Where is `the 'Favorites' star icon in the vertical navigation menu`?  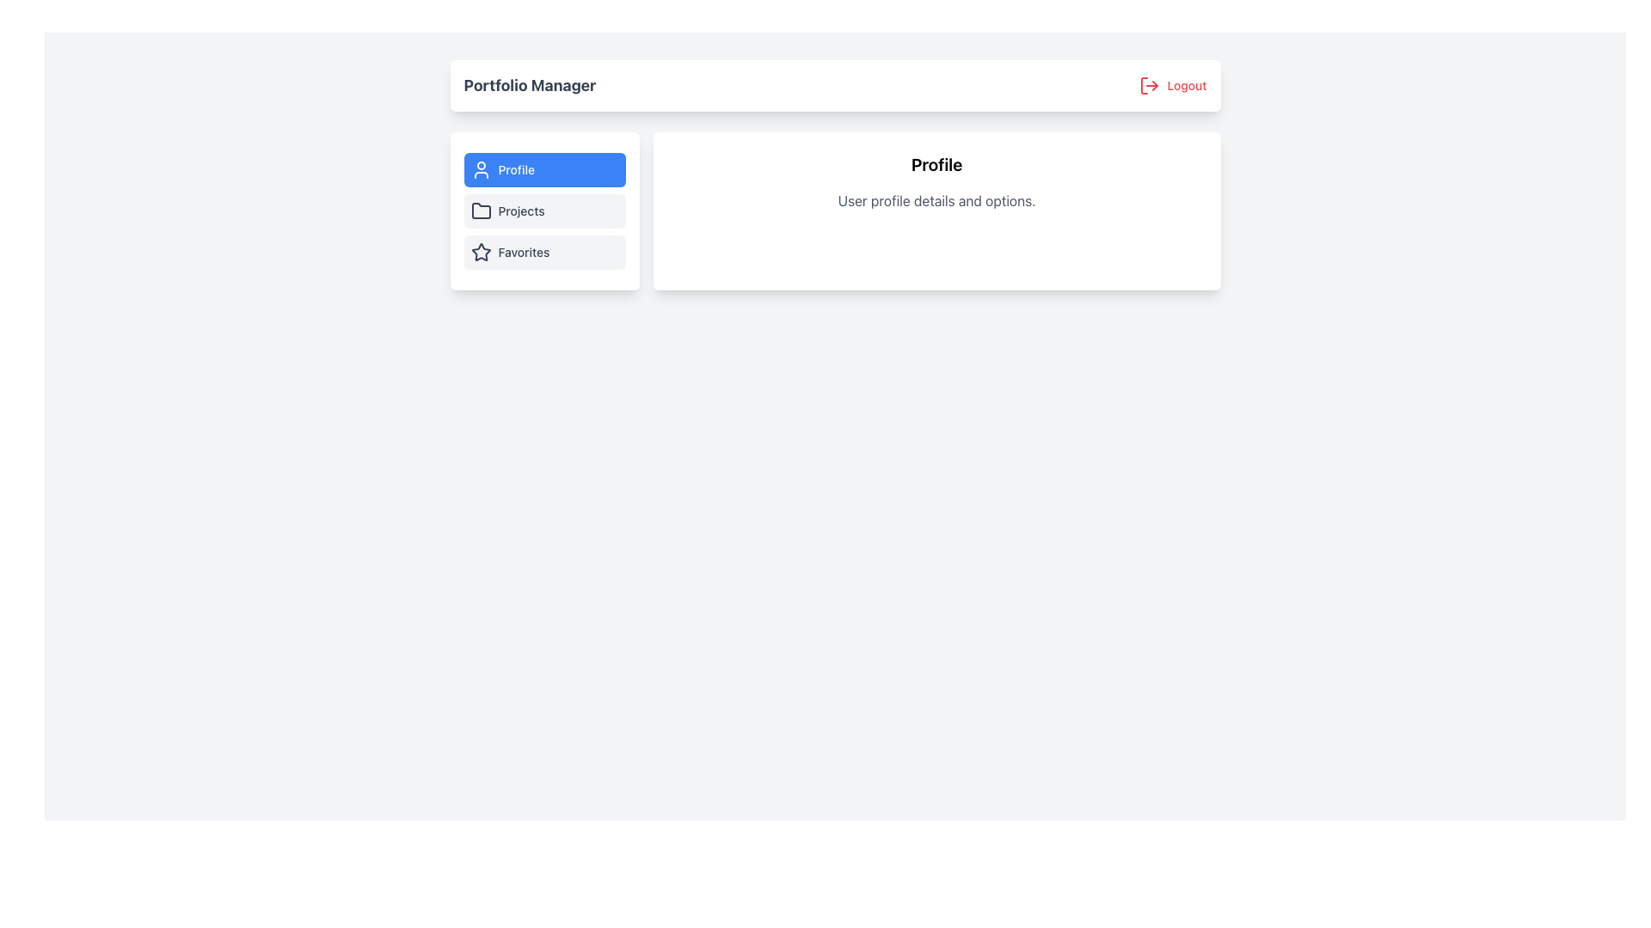
the 'Favorites' star icon in the vertical navigation menu is located at coordinates (481, 252).